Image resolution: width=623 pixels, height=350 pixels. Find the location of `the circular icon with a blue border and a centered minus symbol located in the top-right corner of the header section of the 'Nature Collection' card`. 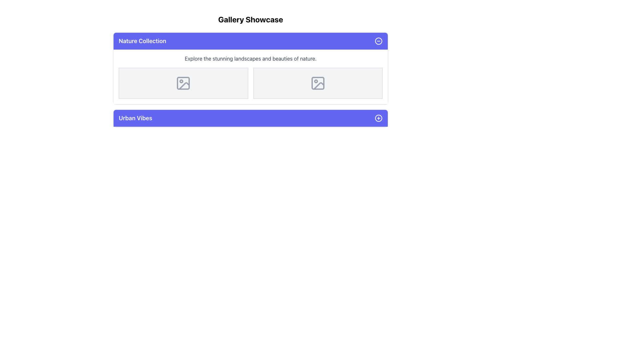

the circular icon with a blue border and a centered minus symbol located in the top-right corner of the header section of the 'Nature Collection' card is located at coordinates (378, 41).